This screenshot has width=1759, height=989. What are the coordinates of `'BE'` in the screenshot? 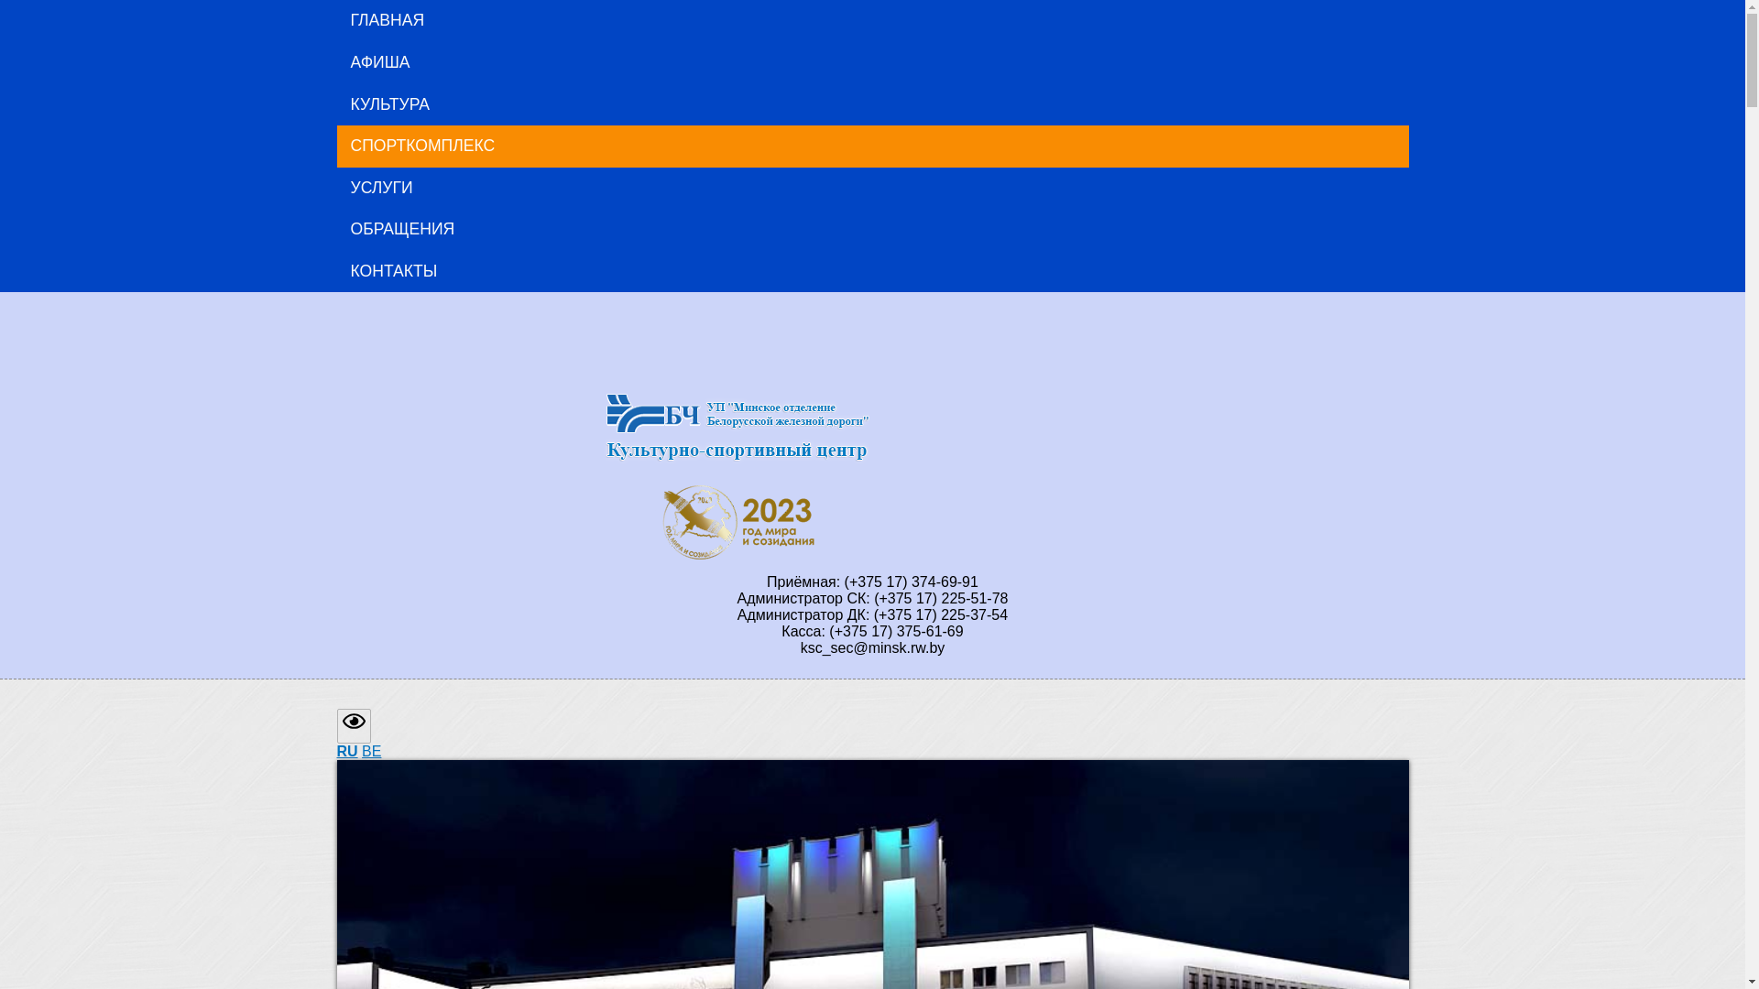 It's located at (370, 751).